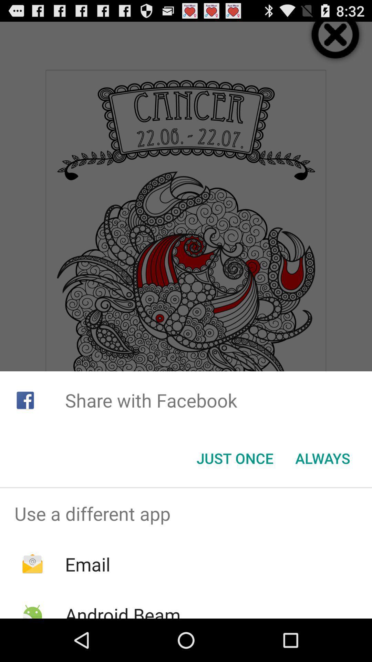 The height and width of the screenshot is (662, 372). Describe the element at coordinates (235, 458) in the screenshot. I see `the icon below the share with facebook` at that location.